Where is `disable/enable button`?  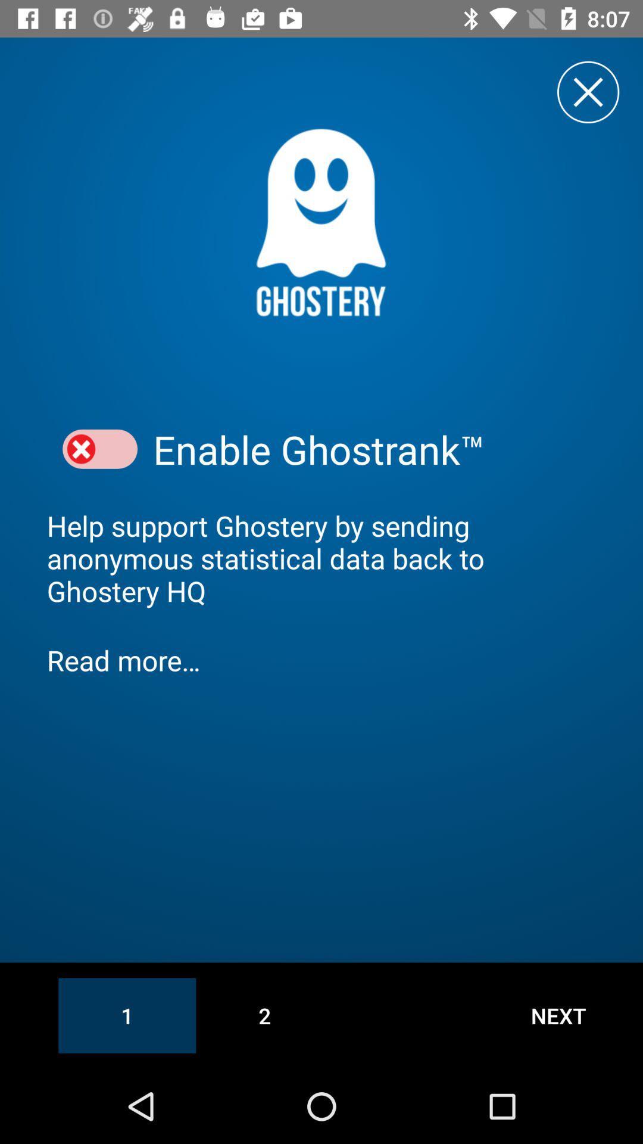
disable/enable button is located at coordinates (99, 449).